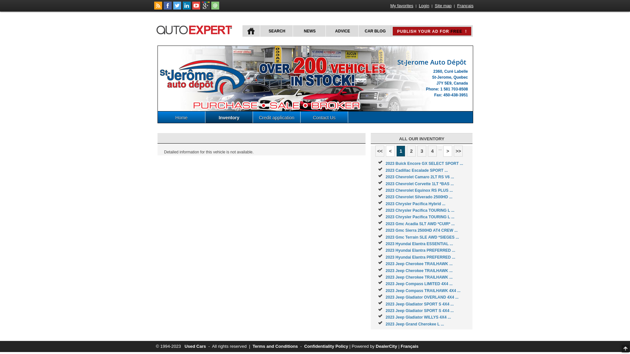 The image size is (630, 354). I want to click on '2', so click(411, 151).